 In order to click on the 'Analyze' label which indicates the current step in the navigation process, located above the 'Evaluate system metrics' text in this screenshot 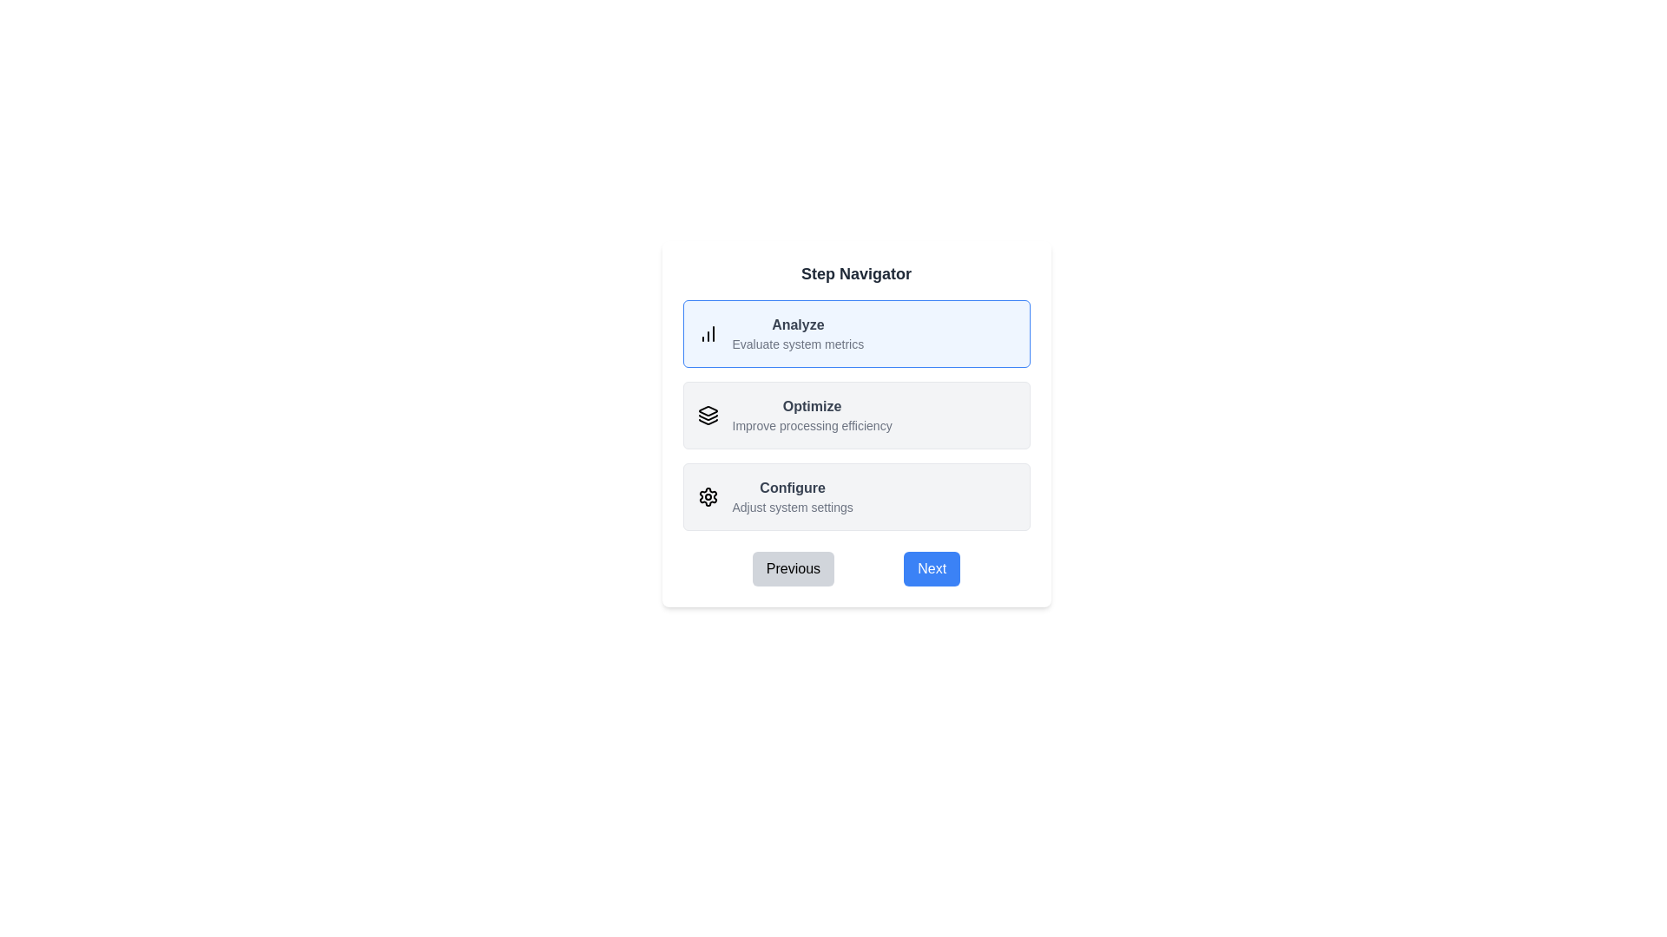, I will do `click(797, 324)`.